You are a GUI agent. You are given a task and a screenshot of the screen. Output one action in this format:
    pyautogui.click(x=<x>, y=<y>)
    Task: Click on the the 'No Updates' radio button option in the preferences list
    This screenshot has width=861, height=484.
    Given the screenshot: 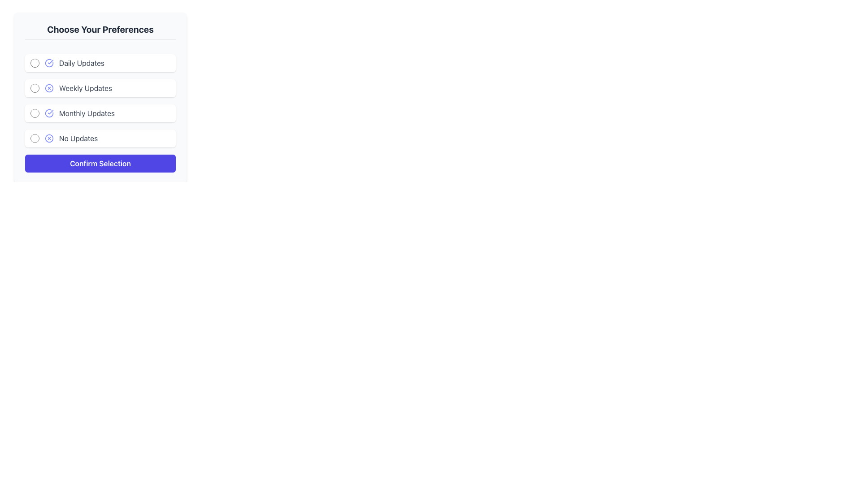 What is the action you would take?
    pyautogui.click(x=100, y=138)
    